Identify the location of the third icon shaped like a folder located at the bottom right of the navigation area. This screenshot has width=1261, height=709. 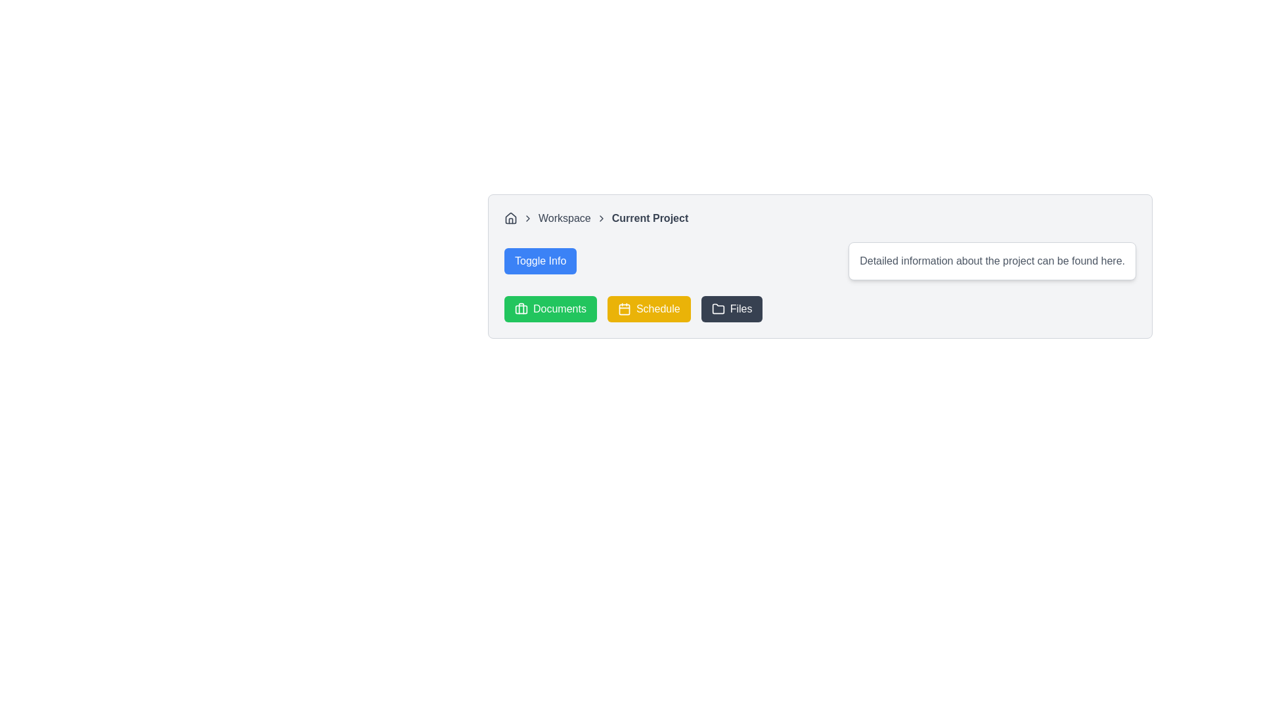
(717, 309).